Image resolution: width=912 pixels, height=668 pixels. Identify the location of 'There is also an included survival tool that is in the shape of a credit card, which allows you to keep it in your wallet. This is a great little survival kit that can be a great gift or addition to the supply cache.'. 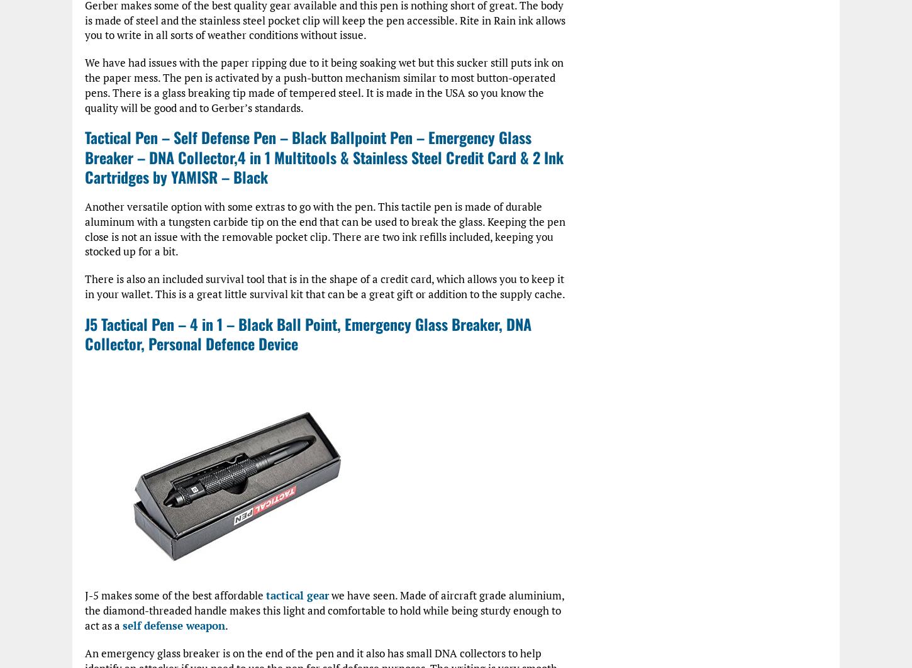
(325, 286).